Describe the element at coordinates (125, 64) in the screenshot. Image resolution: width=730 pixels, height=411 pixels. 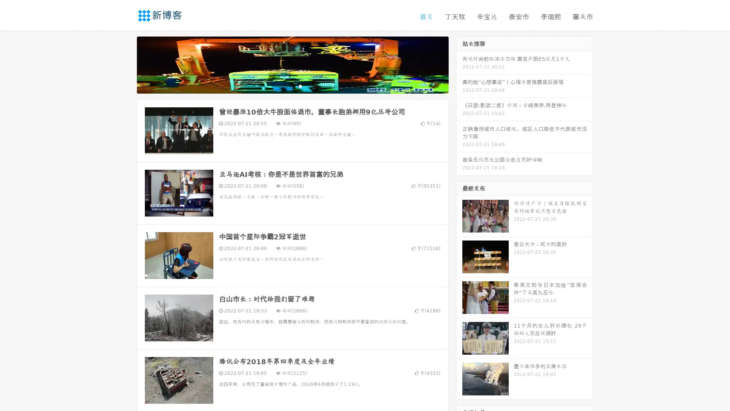
I see `Previous slide` at that location.